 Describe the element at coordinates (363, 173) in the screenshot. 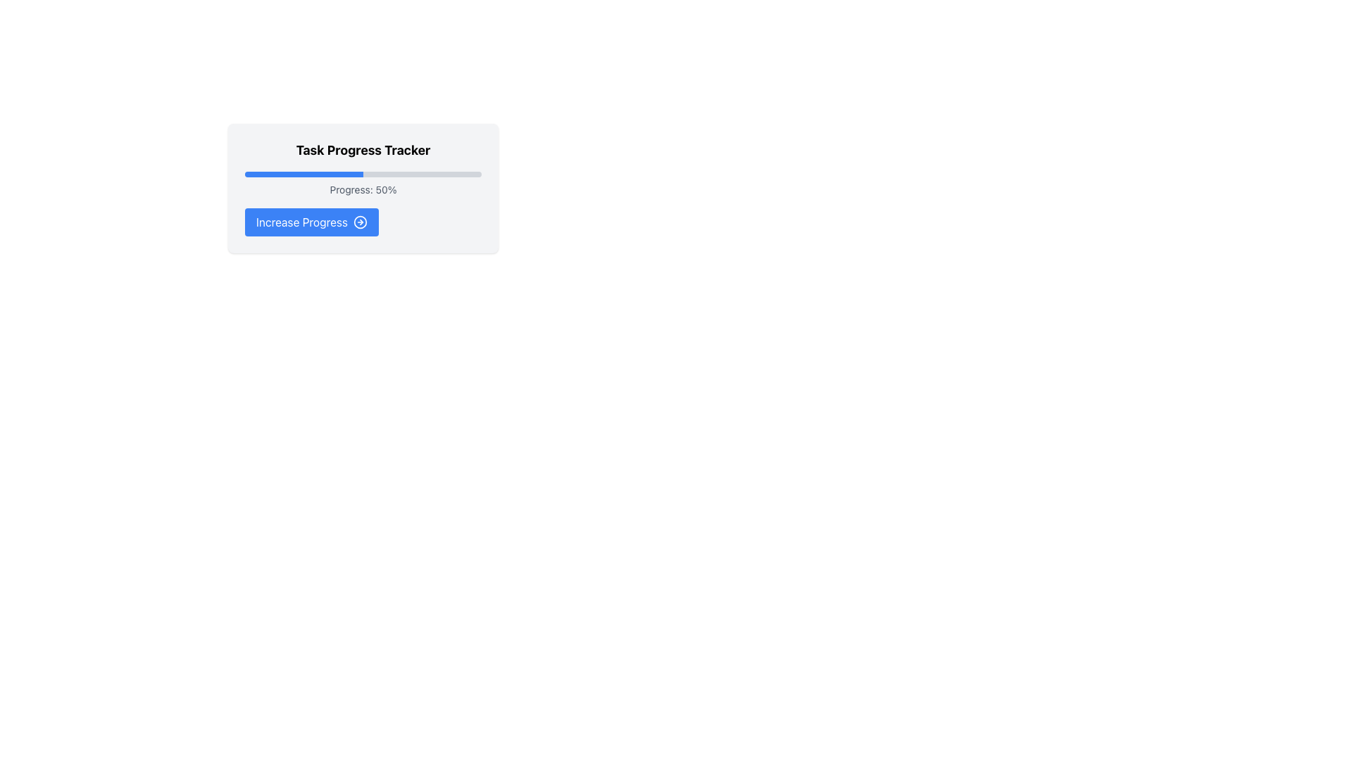

I see `the horizontal progress bar with a light gray background and blue fill, located below the 'Task Progress Tracker' title and above the 'Progress: 50%' label` at that location.